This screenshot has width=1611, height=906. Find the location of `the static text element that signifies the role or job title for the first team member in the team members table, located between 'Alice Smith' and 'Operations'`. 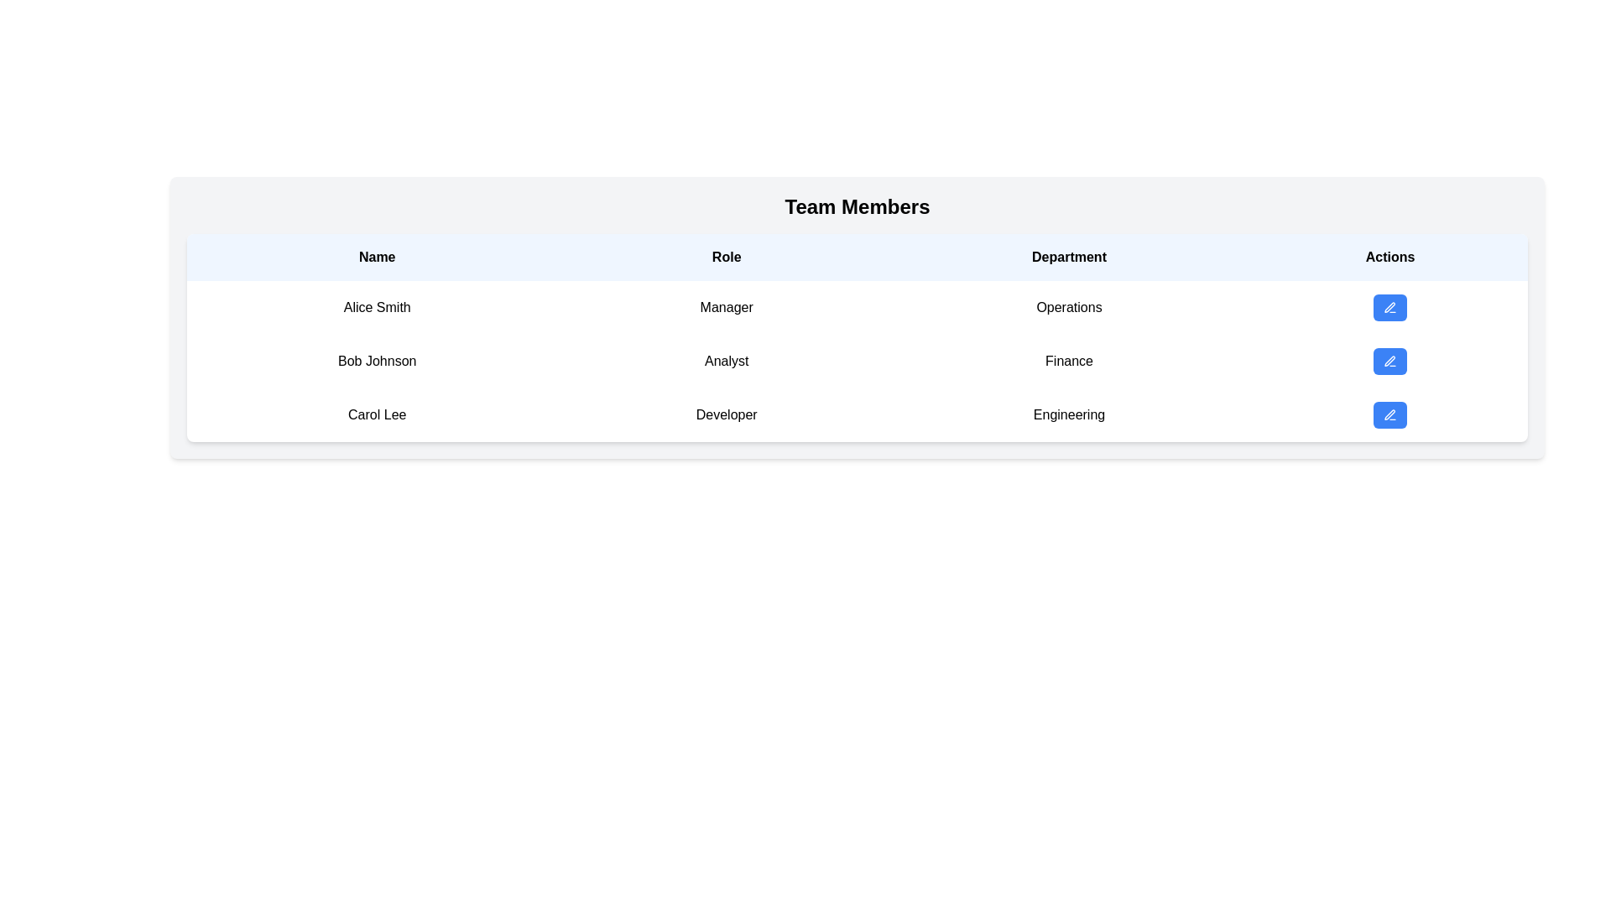

the static text element that signifies the role or job title for the first team member in the team members table, located between 'Alice Smith' and 'Operations' is located at coordinates (727, 307).